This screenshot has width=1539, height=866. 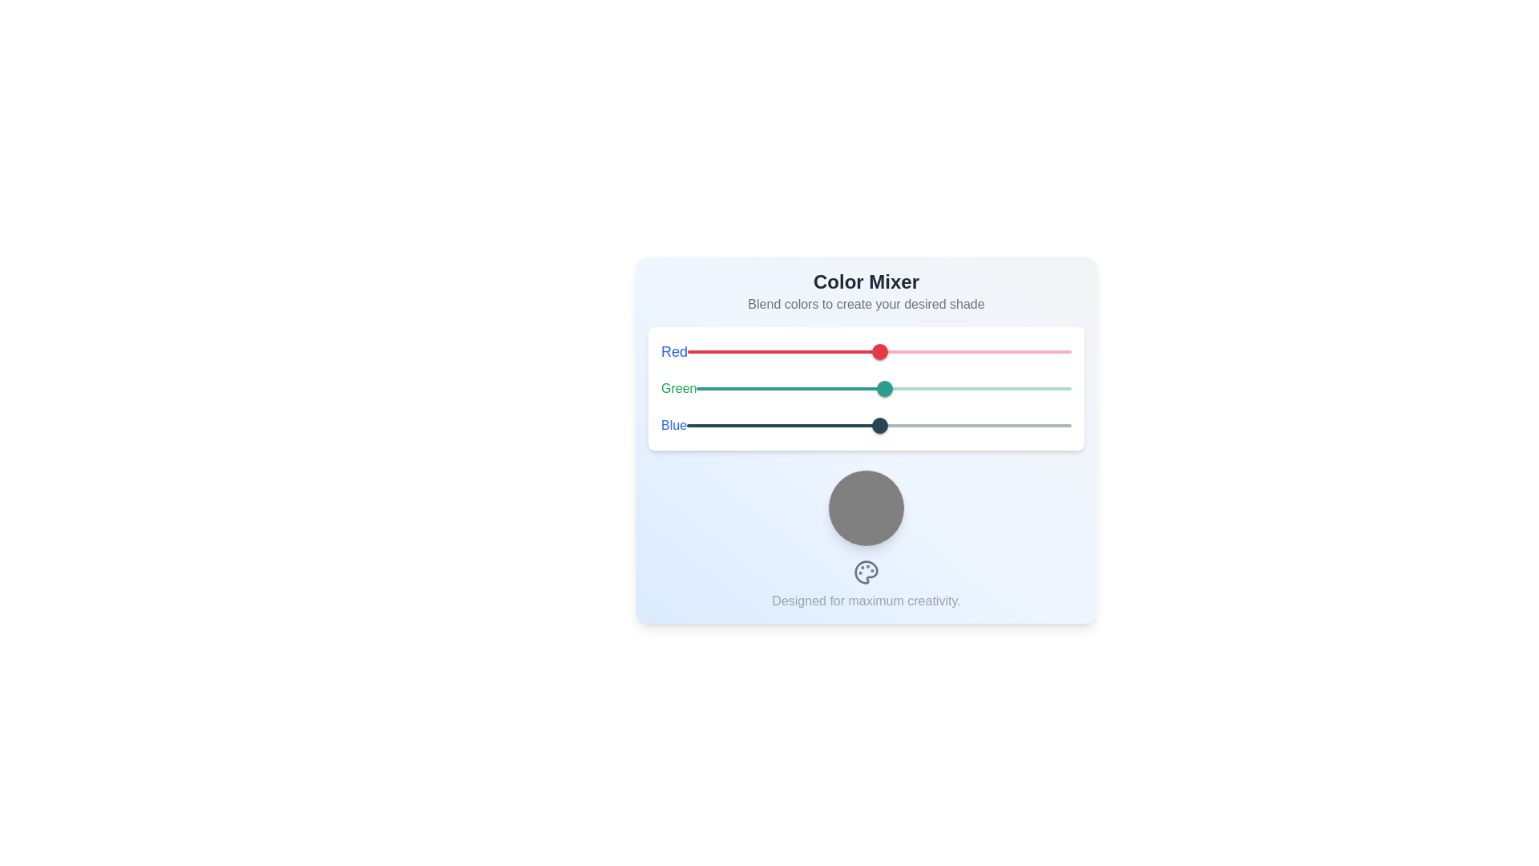 What do you see at coordinates (888, 425) in the screenshot?
I see `the Blue channel` at bounding box center [888, 425].